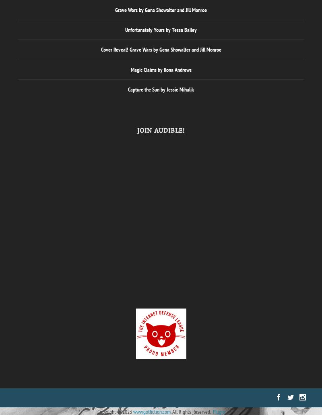 The image size is (322, 415). What do you see at coordinates (124, 29) in the screenshot?
I see `'Unfortunately Yours by Tessa Bailey'` at bounding box center [124, 29].